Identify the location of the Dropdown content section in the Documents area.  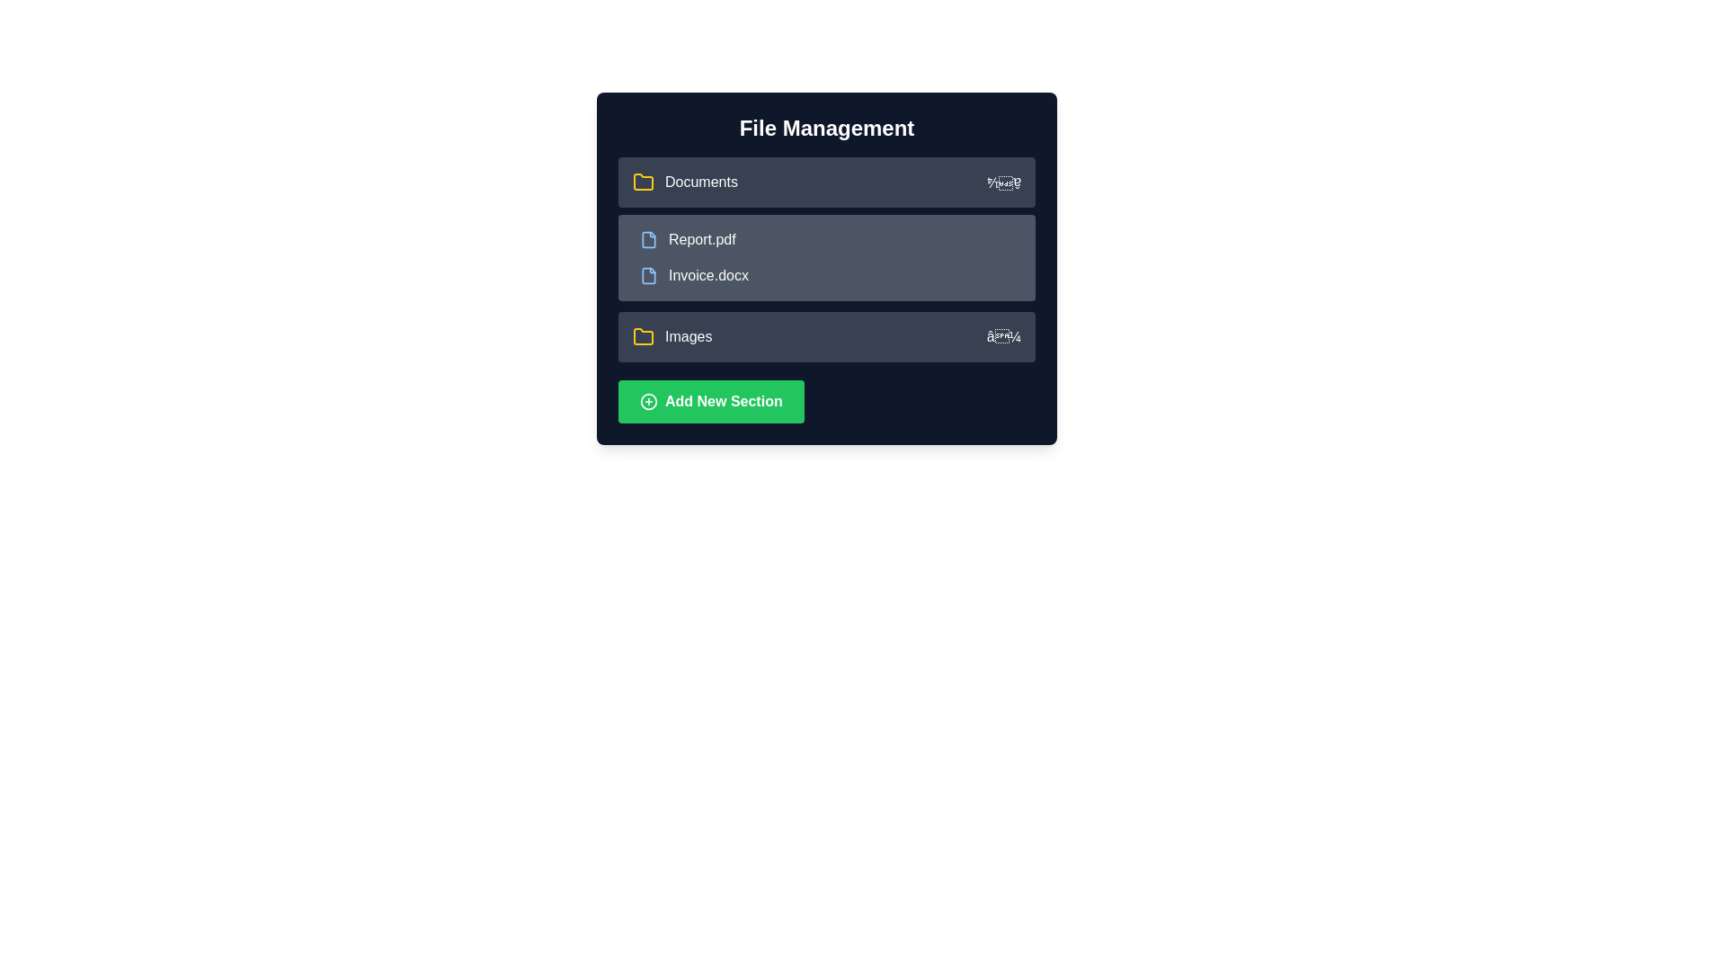
(826, 257).